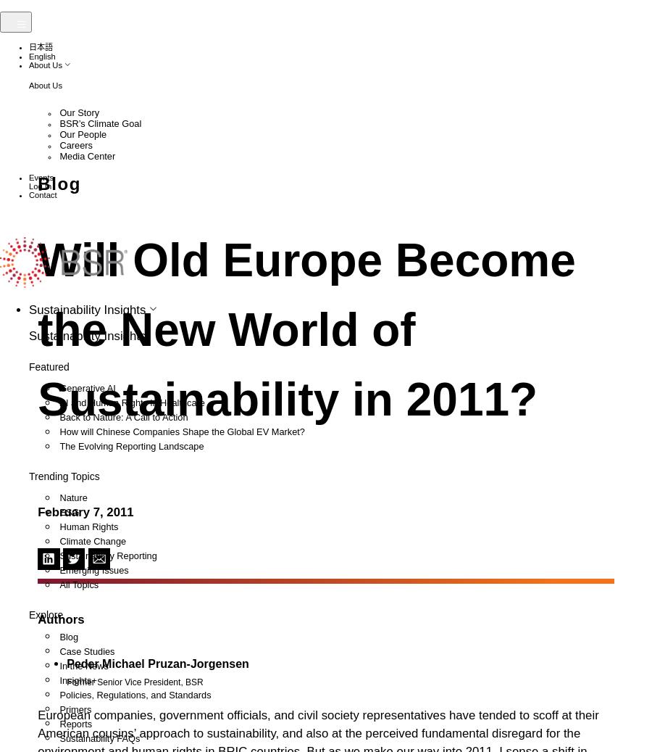 The width and height of the screenshot is (652, 752). I want to click on 'About BSR', so click(67, 244).